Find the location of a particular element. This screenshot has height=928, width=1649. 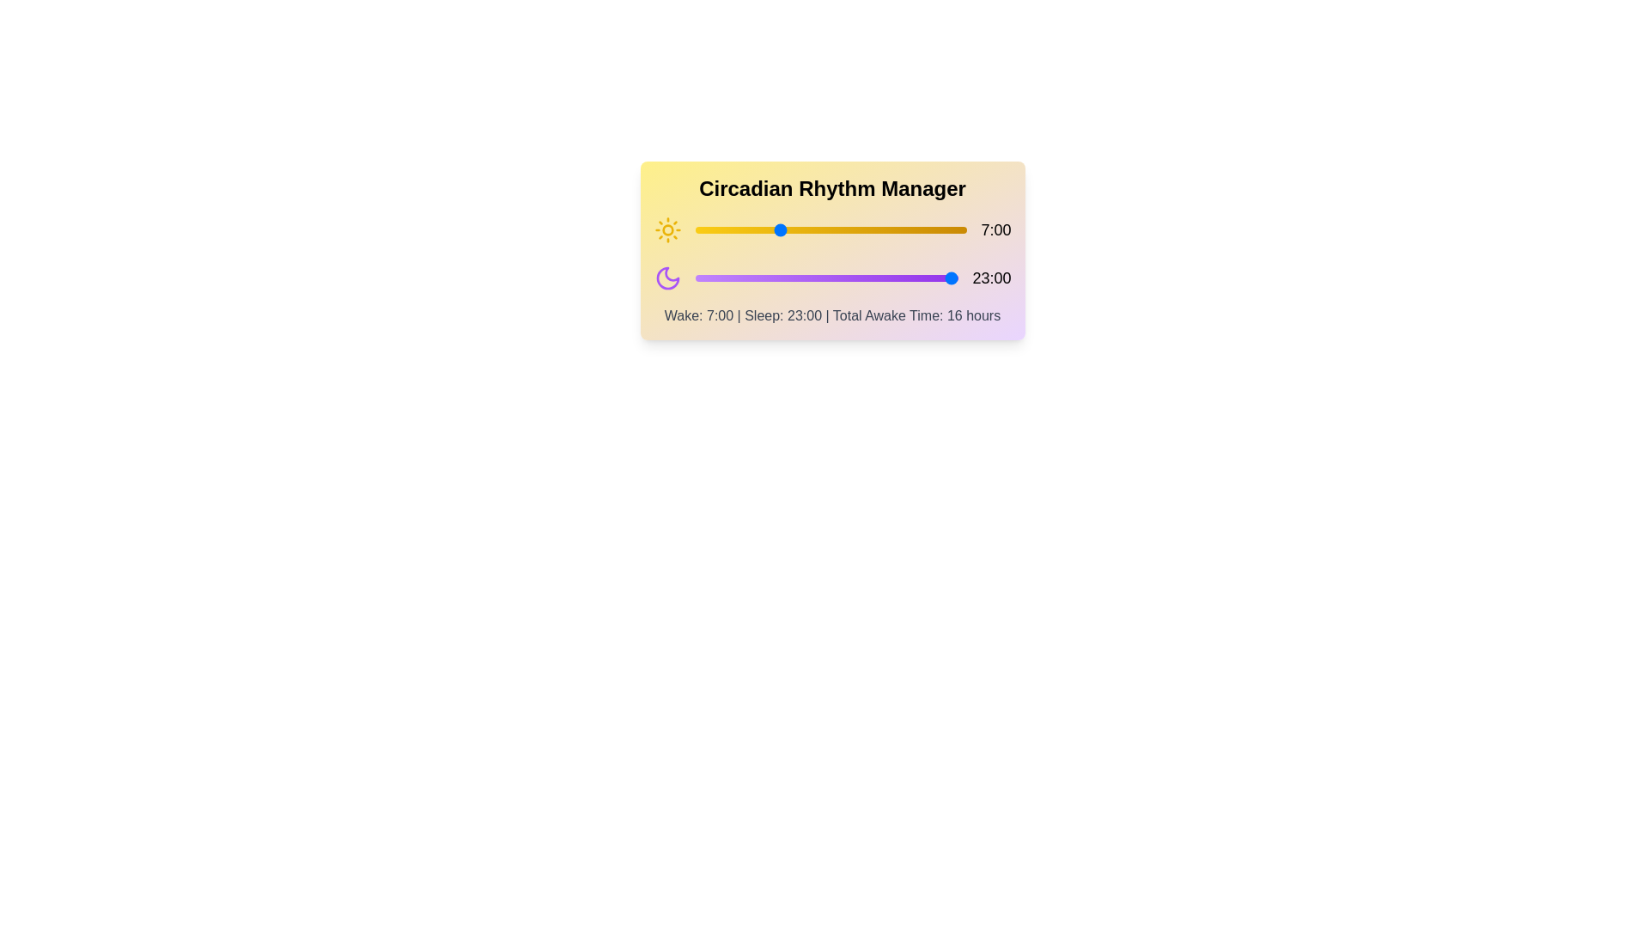

the wake time slider to 21 hours is located at coordinates (942, 229).